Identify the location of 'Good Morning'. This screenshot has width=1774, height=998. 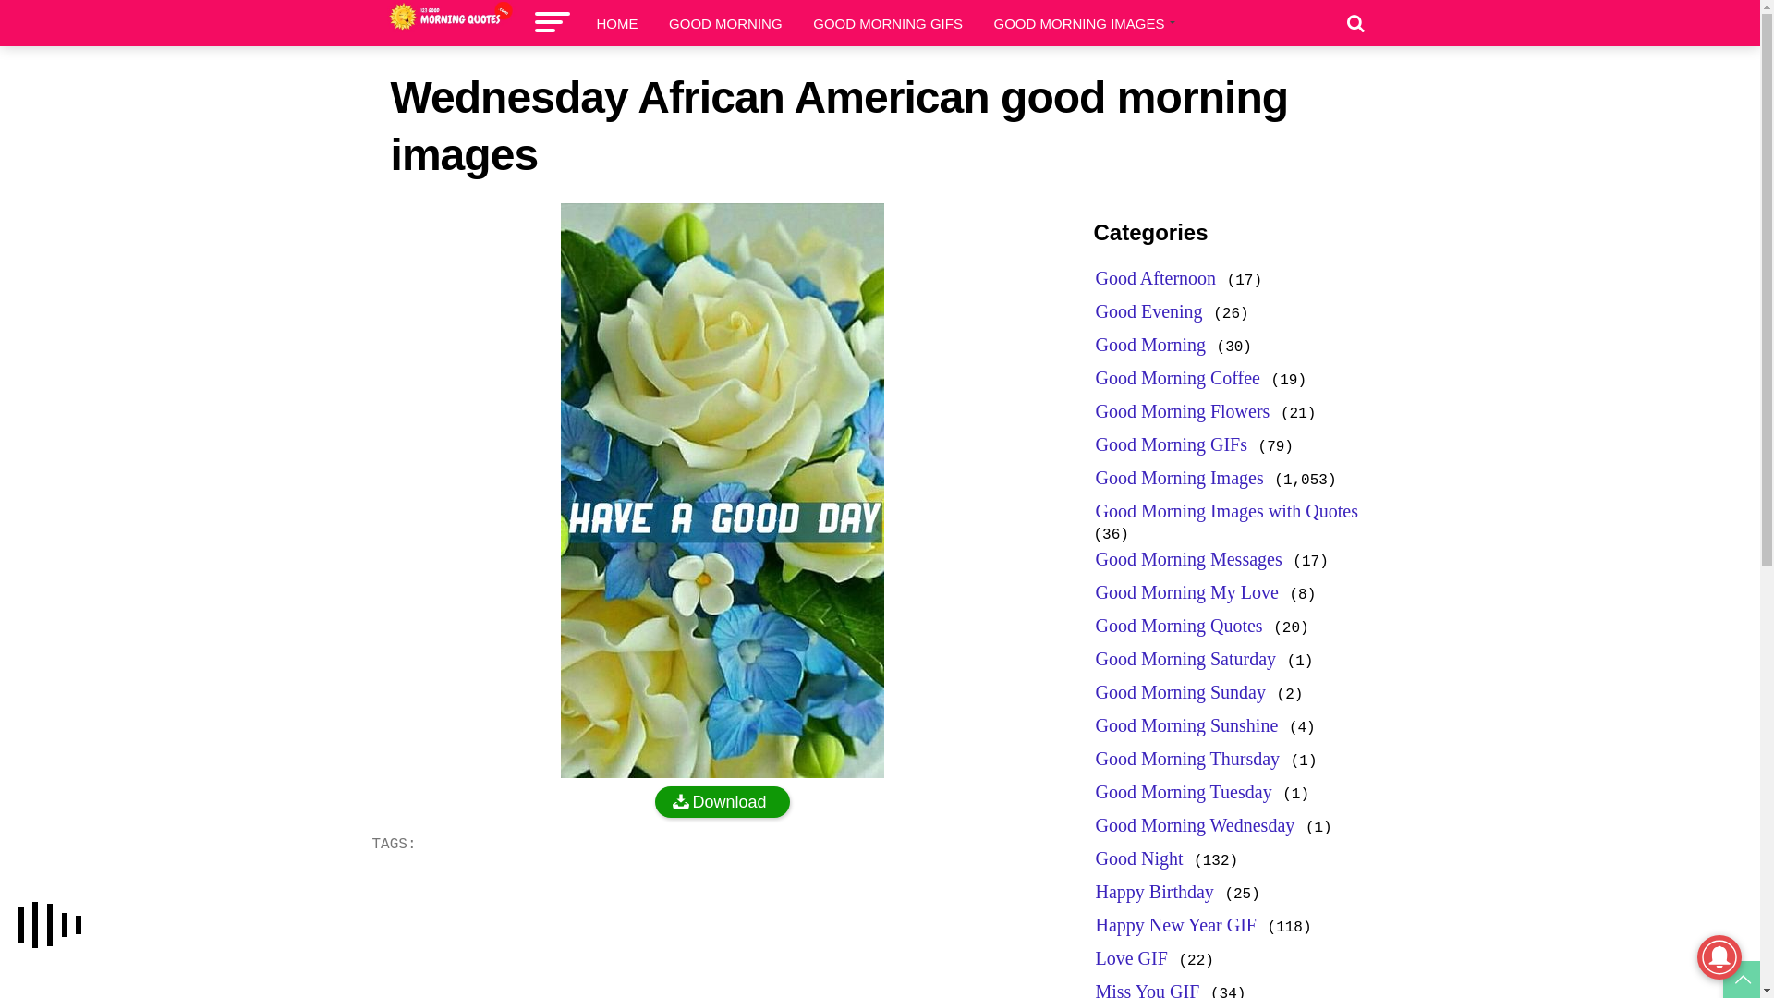
(1149, 345).